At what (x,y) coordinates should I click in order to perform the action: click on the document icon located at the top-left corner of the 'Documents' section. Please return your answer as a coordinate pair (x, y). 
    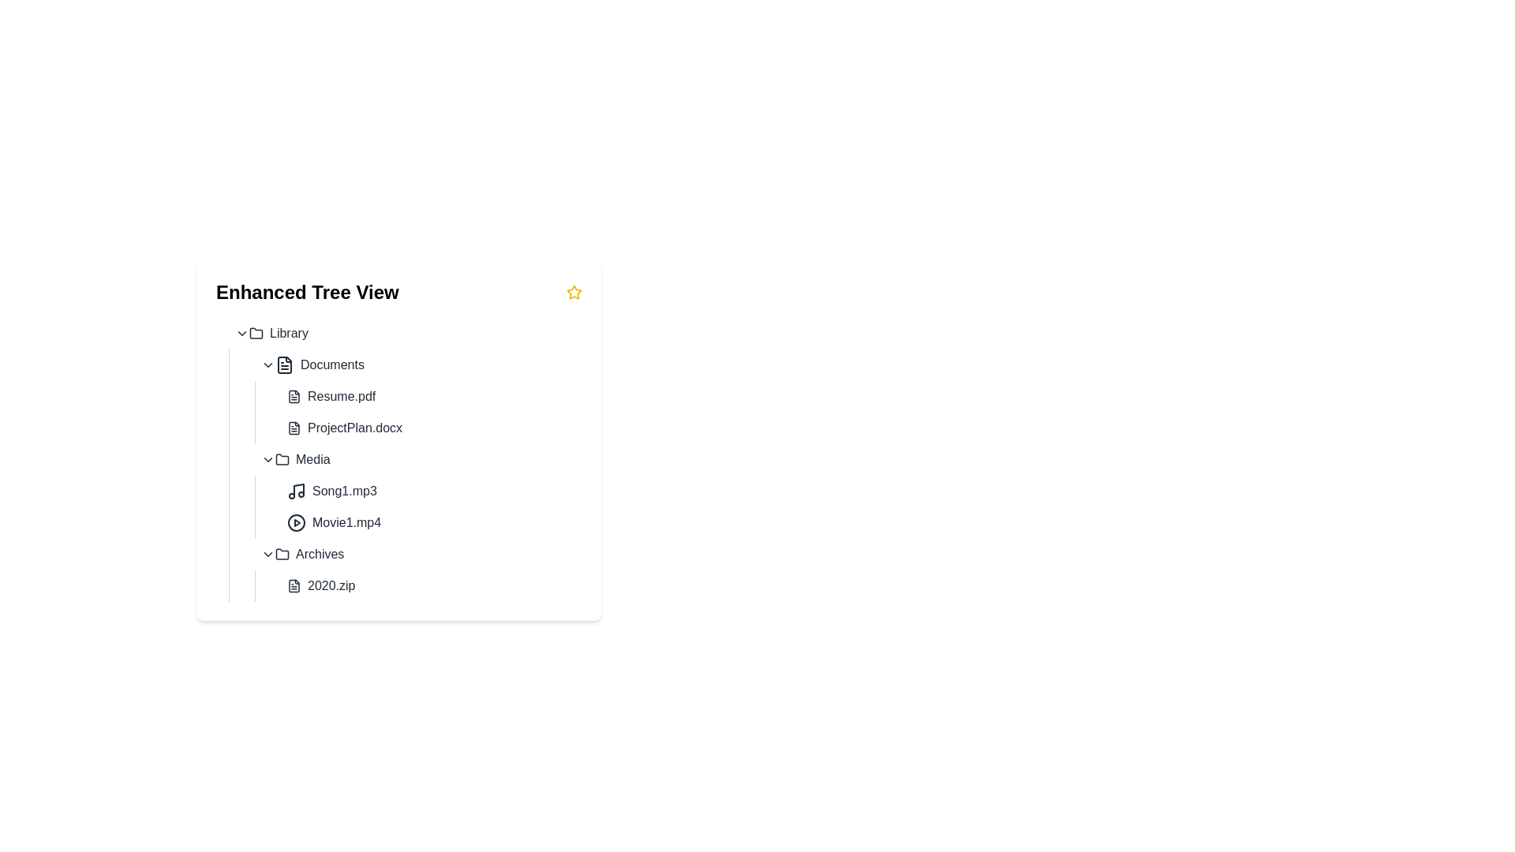
    Looking at the image, I should click on (284, 364).